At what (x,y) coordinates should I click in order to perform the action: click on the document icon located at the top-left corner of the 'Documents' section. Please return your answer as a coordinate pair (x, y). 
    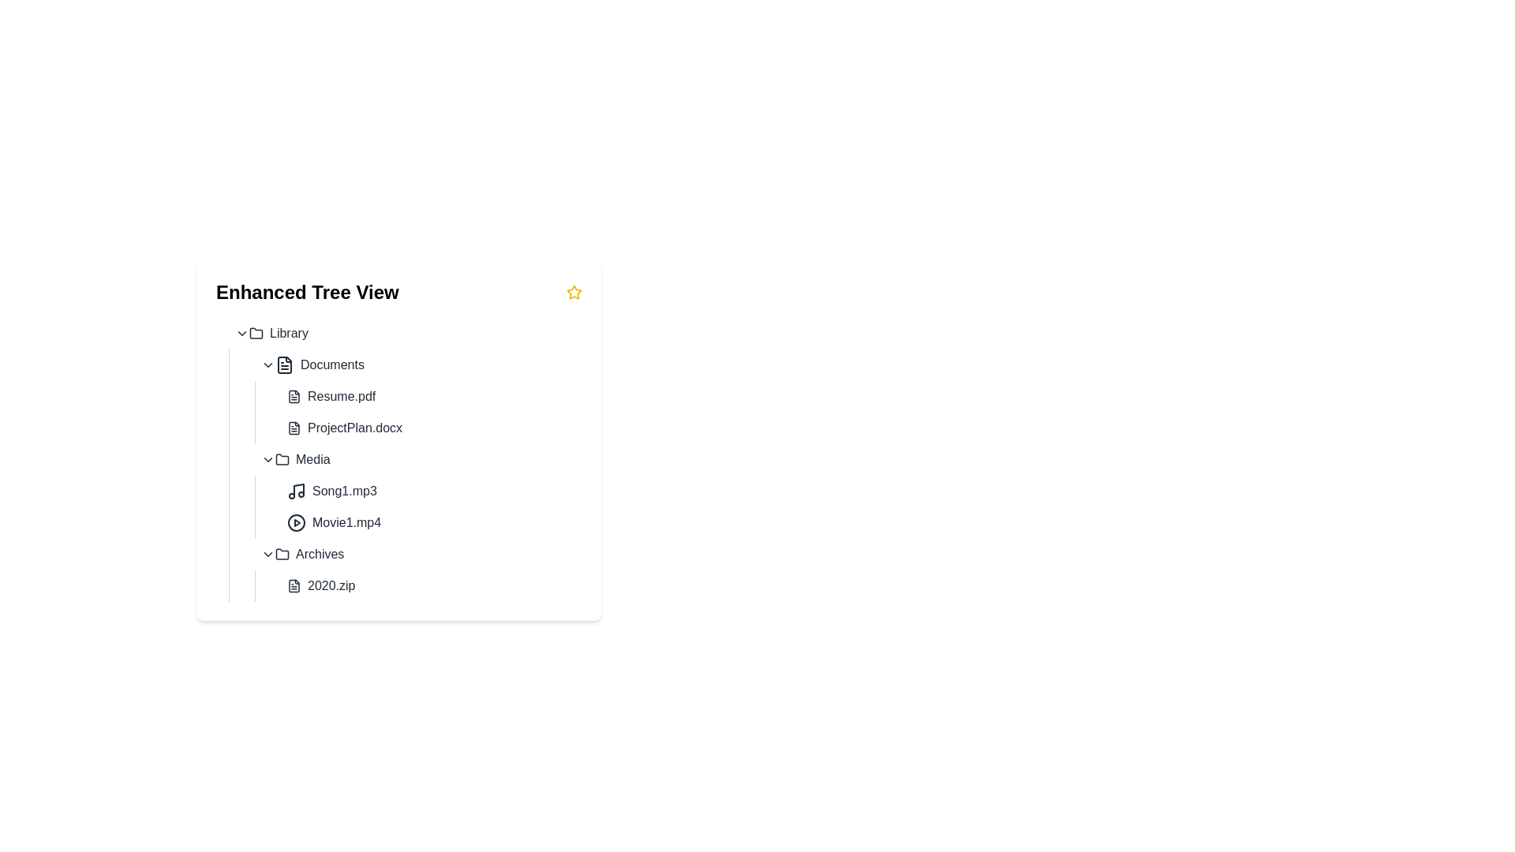
    Looking at the image, I should click on (284, 364).